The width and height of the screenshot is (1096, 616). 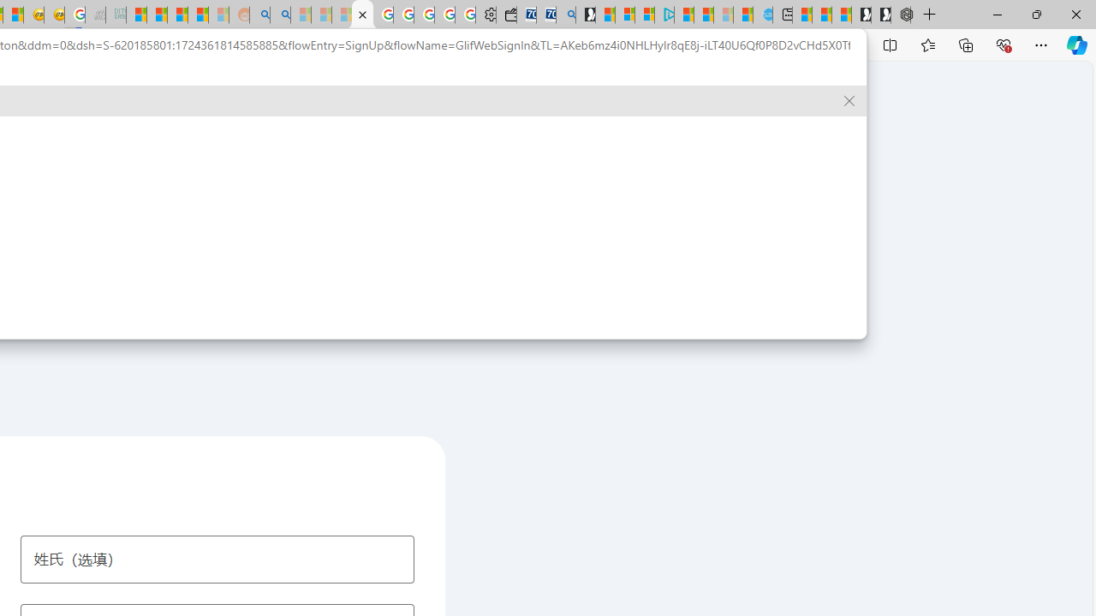 I want to click on 'Student Loan Update: Forgiveness Program Ends This Month', so click(x=198, y=15).